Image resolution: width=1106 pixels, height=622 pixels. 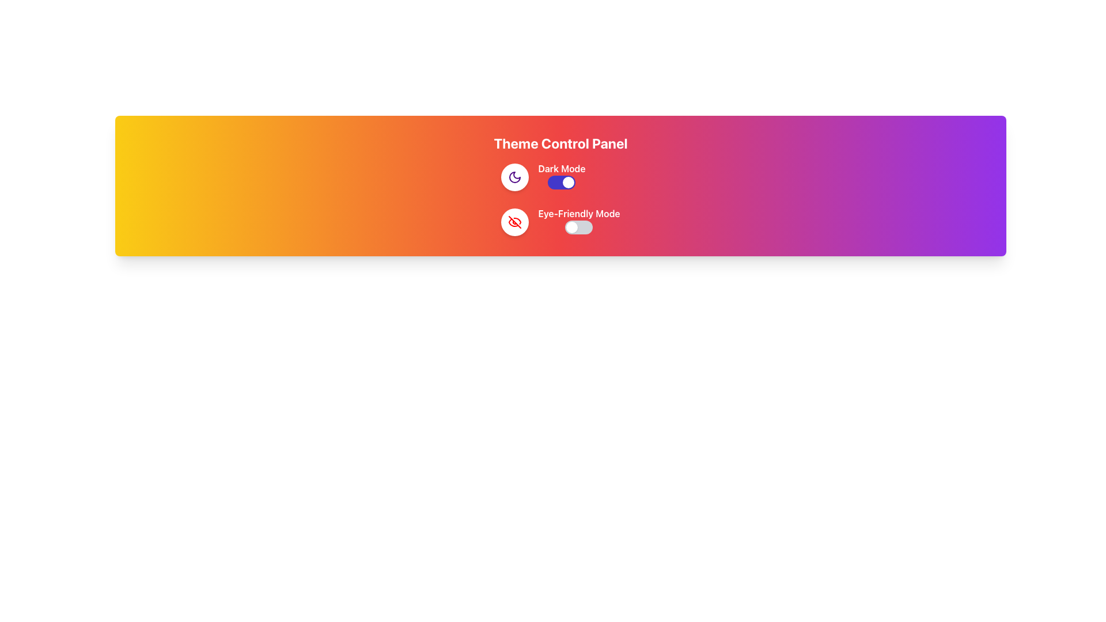 I want to click on the 'Eye-Friendly Mode' toggle switch, so click(x=579, y=222).